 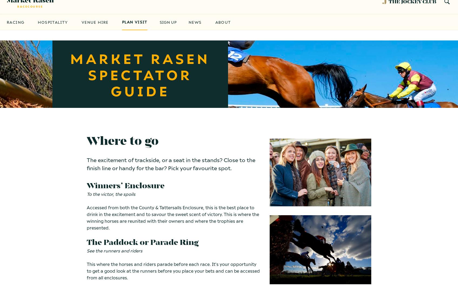 What do you see at coordinates (134, 32) in the screenshot?
I see `'Plan Visit'` at bounding box center [134, 32].